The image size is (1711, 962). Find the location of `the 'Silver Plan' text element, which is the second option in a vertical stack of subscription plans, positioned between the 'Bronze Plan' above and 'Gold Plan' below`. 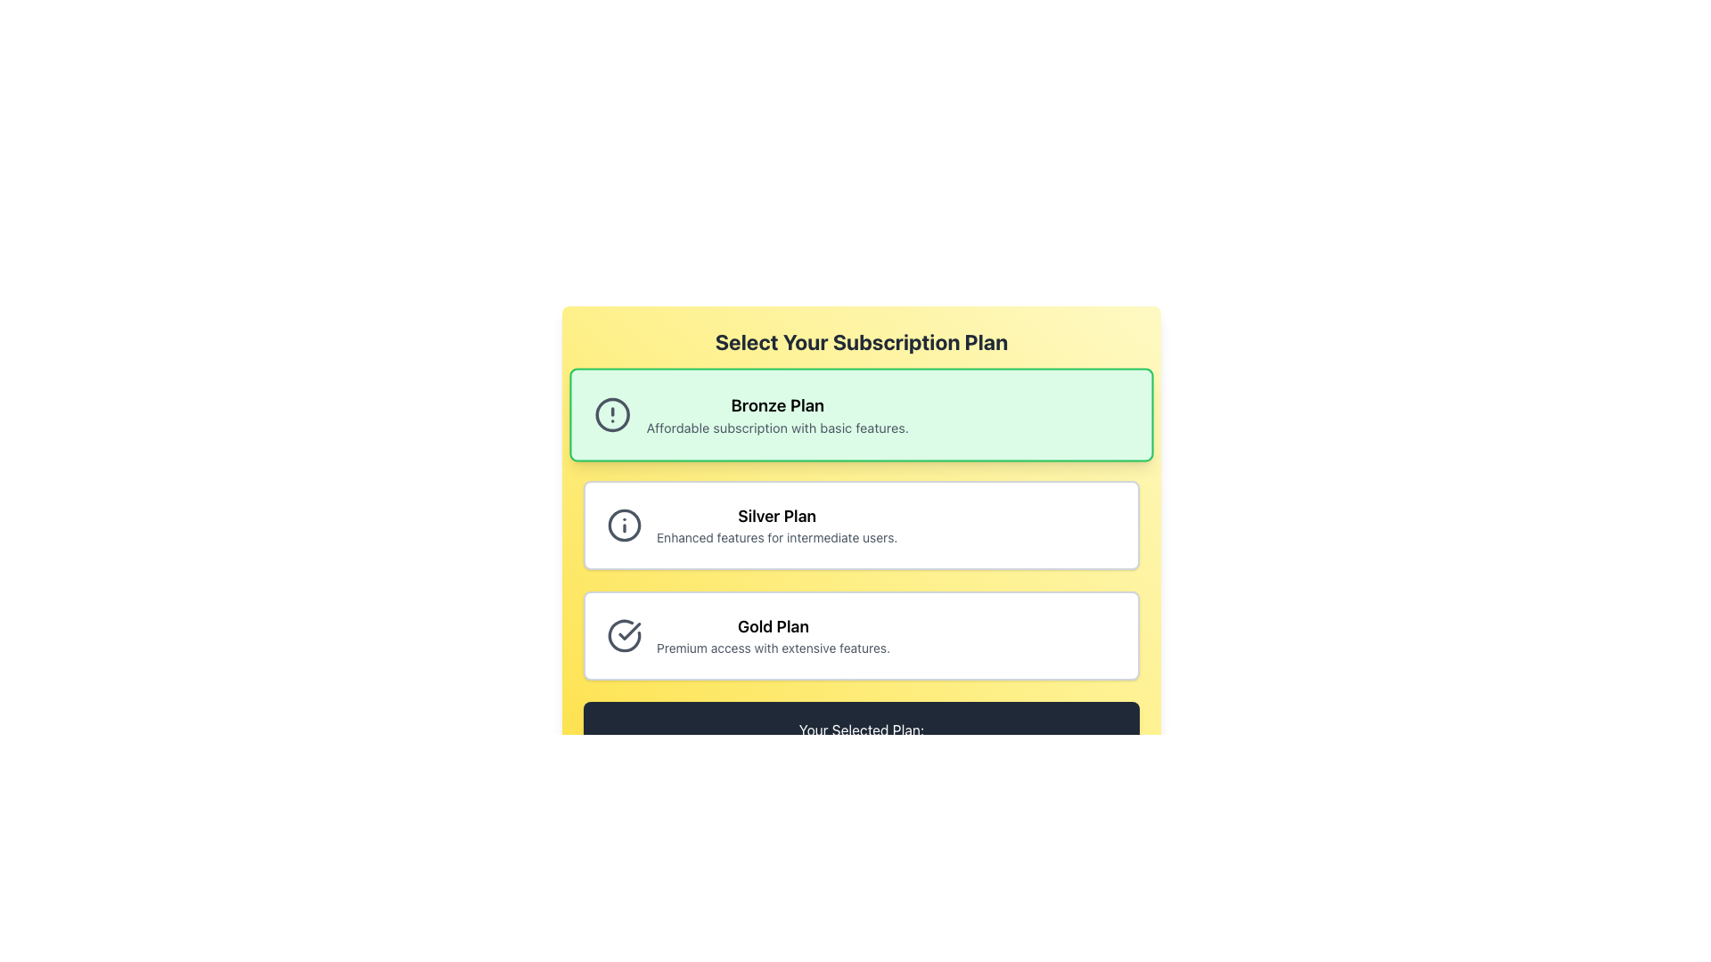

the 'Silver Plan' text element, which is the second option in a vertical stack of subscription plans, positioned between the 'Bronze Plan' above and 'Gold Plan' below is located at coordinates (777, 525).